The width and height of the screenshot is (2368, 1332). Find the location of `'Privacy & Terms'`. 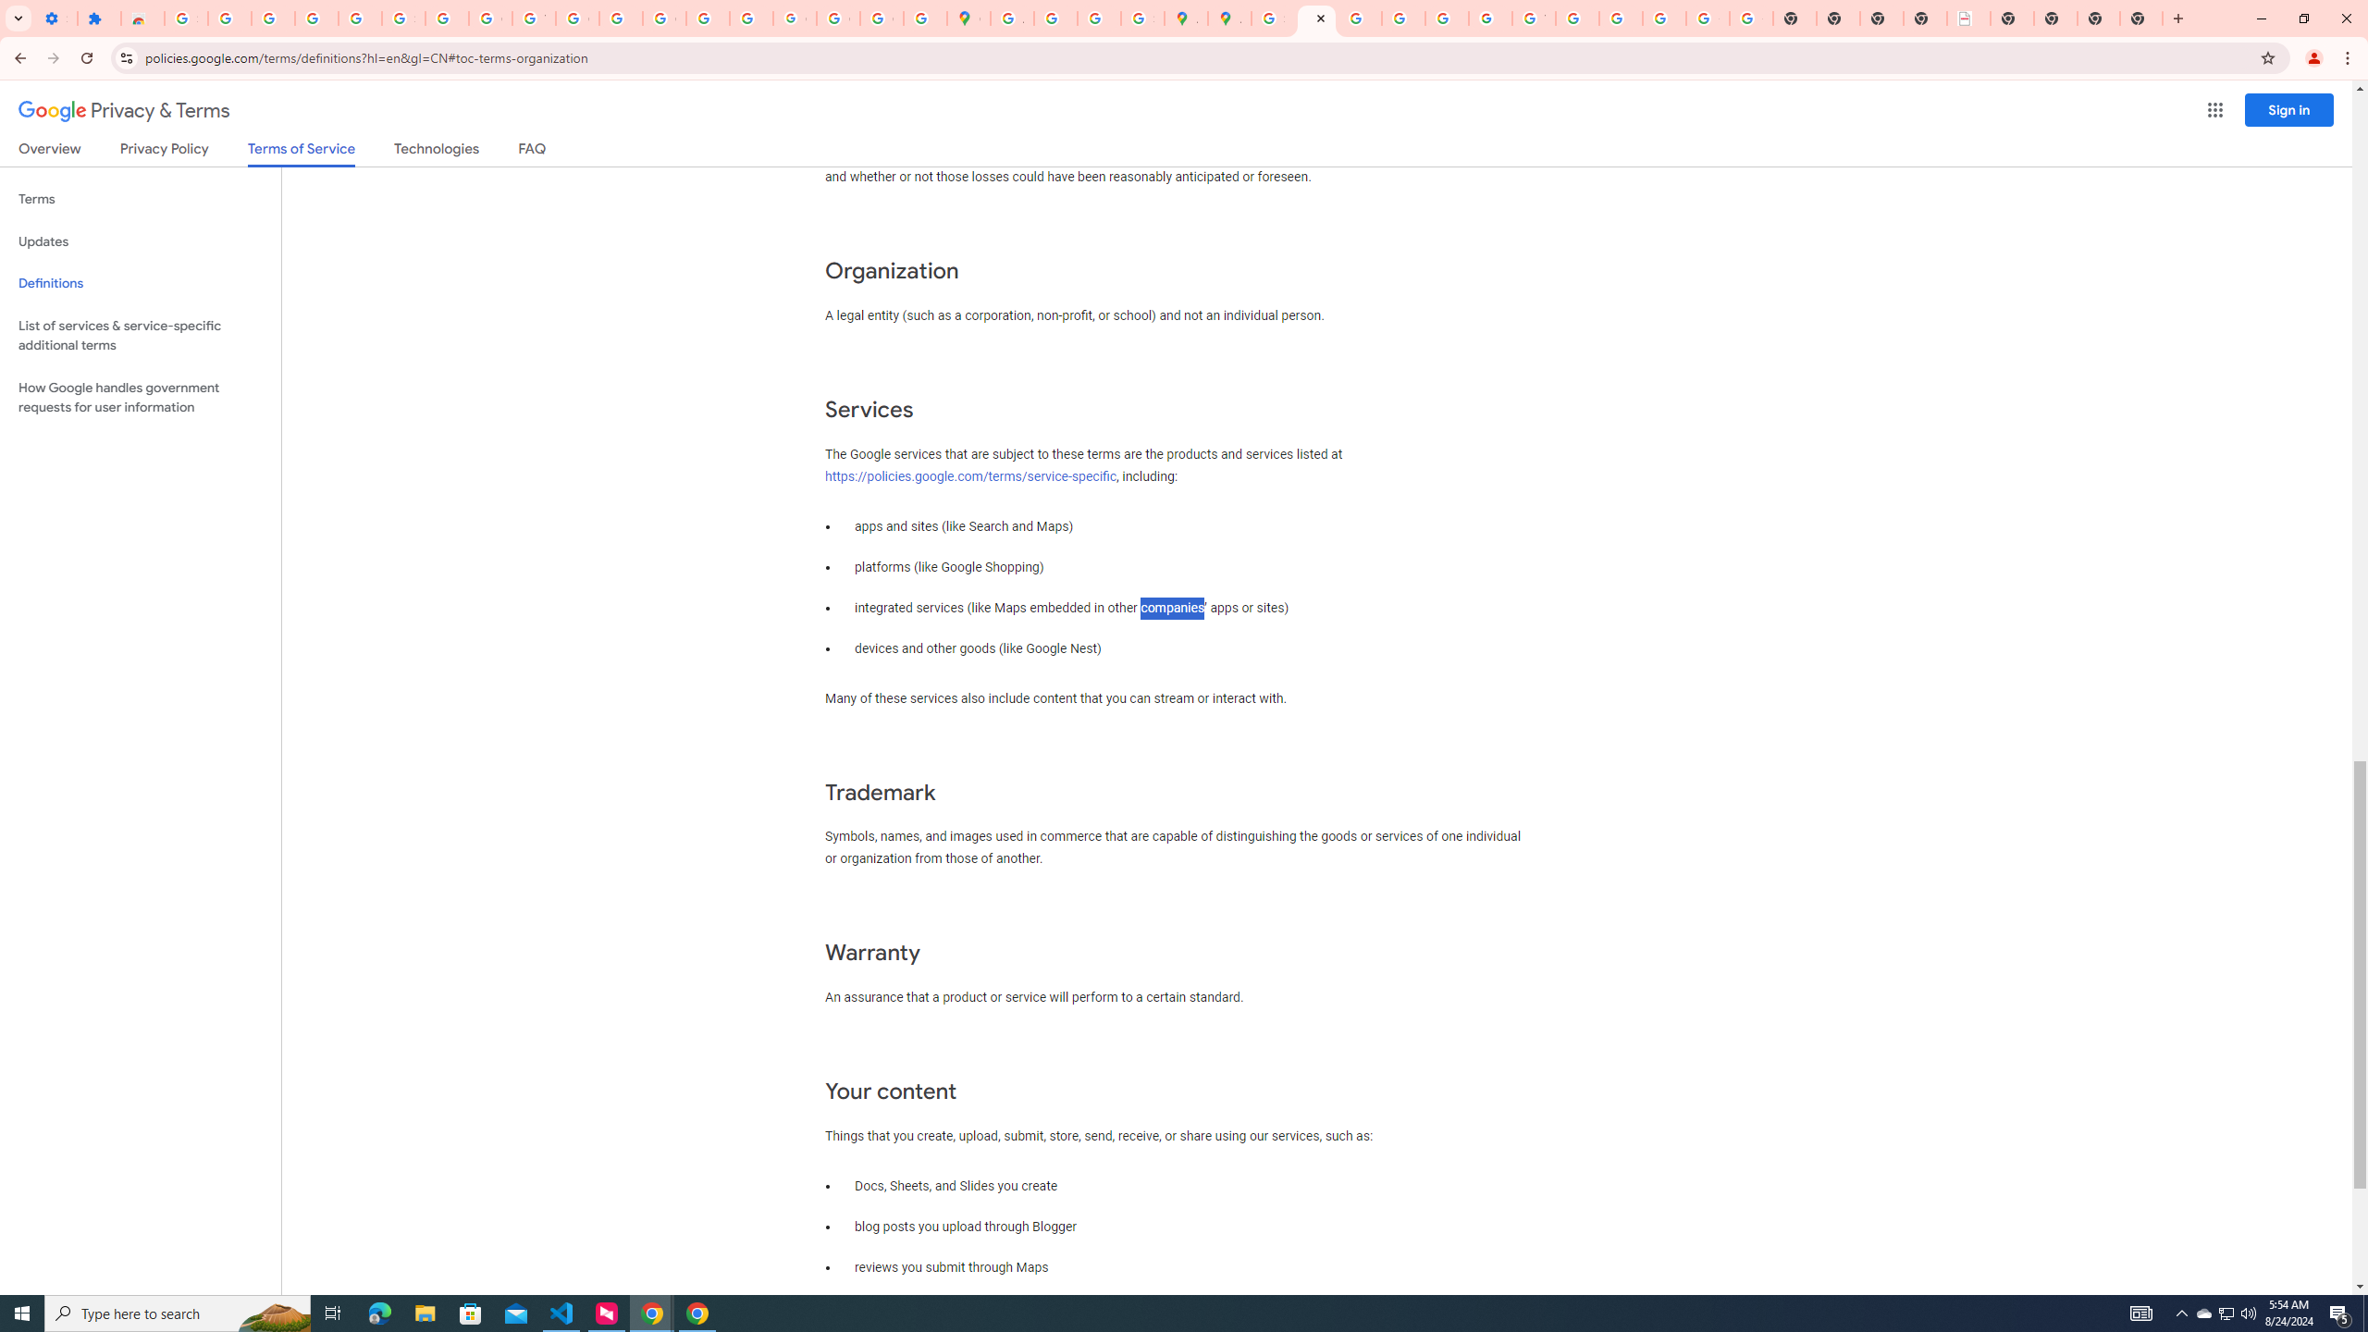

'Privacy & Terms' is located at coordinates (124, 110).